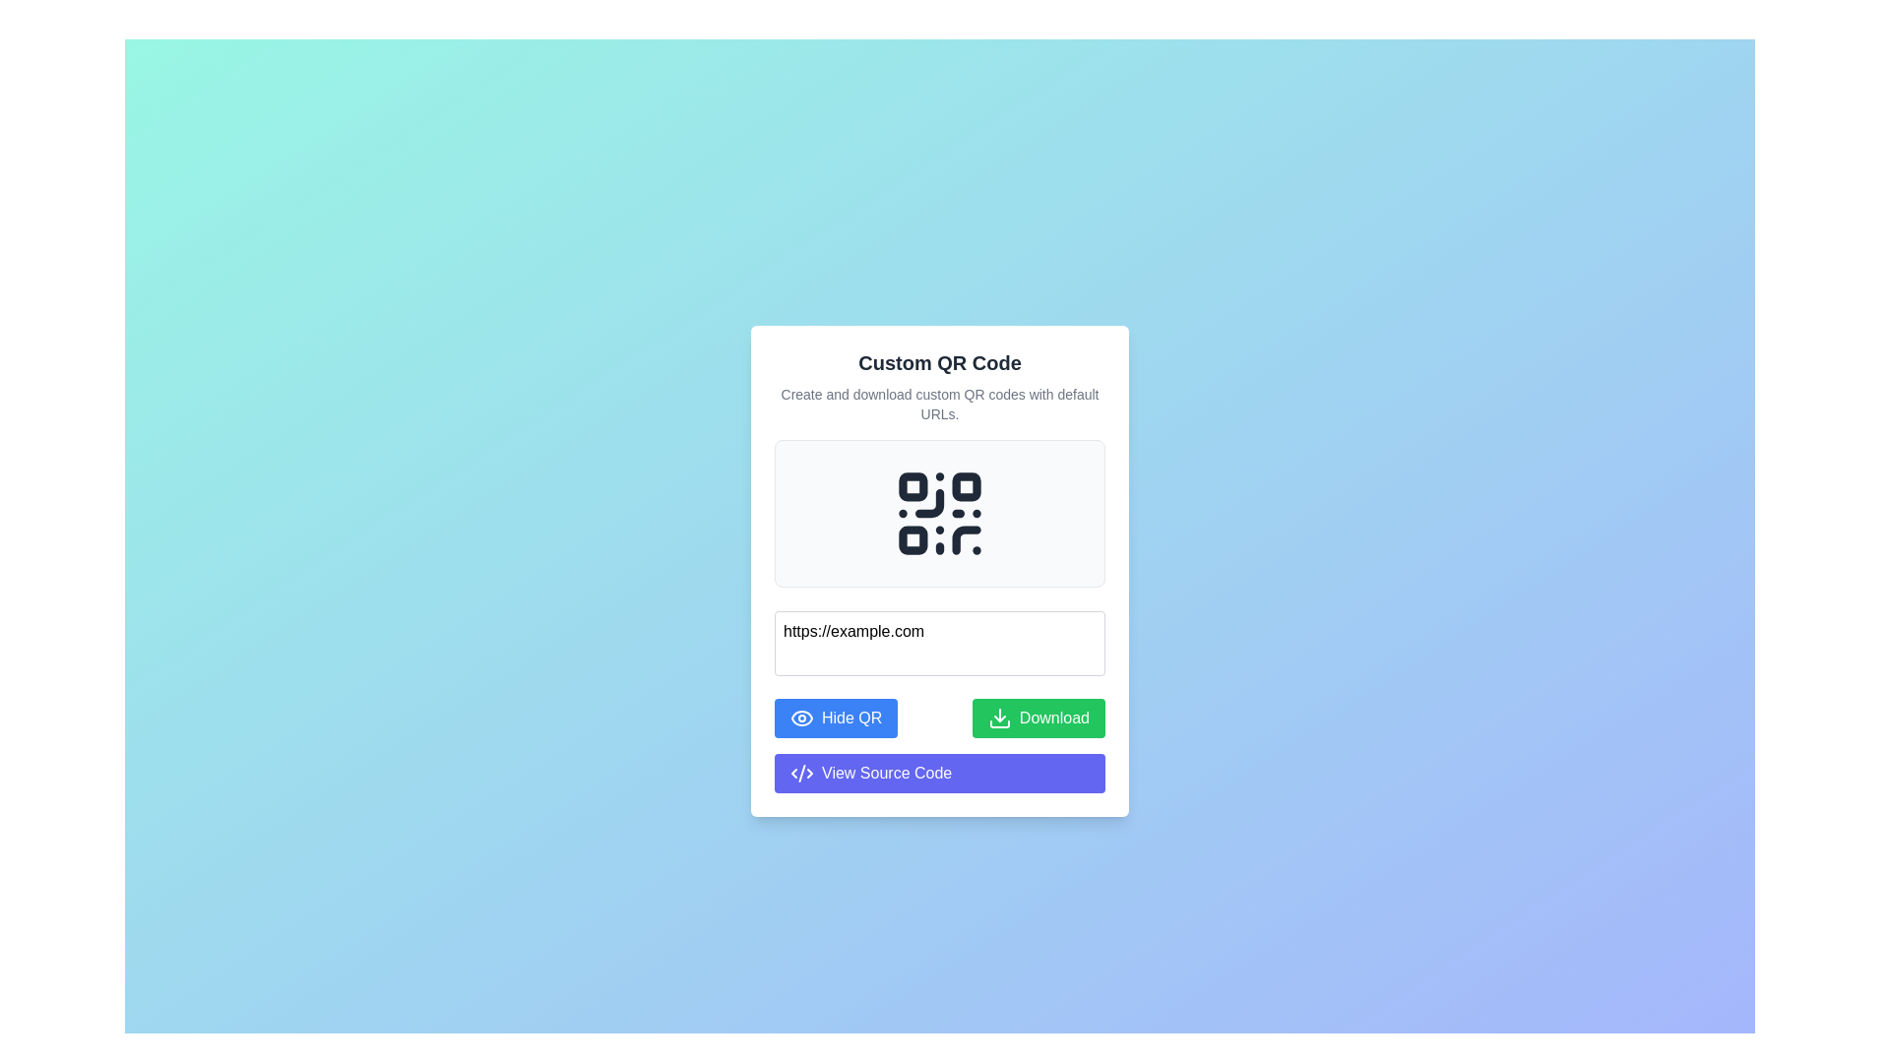 This screenshot has height=1063, width=1890. What do you see at coordinates (939, 772) in the screenshot?
I see `the 'View Source Code' button with a purple background and white text located at the bottom-right section of the QR code functionalities card` at bounding box center [939, 772].